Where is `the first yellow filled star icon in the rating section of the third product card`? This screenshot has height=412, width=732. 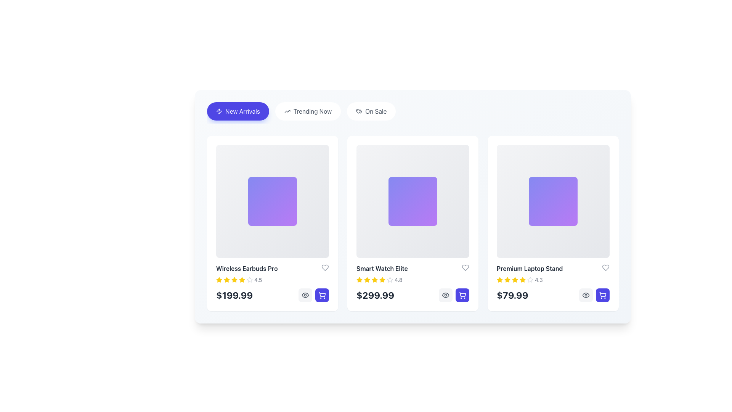 the first yellow filled star icon in the rating section of the third product card is located at coordinates (499, 280).